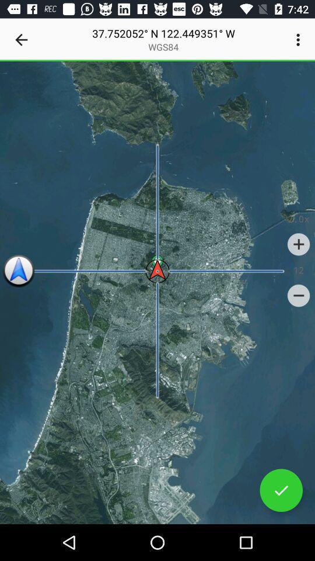 The image size is (315, 561). What do you see at coordinates (18, 271) in the screenshot?
I see `the navigation icon` at bounding box center [18, 271].